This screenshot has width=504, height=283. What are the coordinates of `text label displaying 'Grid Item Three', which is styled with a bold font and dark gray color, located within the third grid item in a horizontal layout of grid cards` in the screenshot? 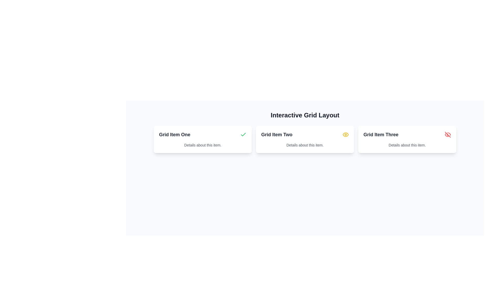 It's located at (381, 134).